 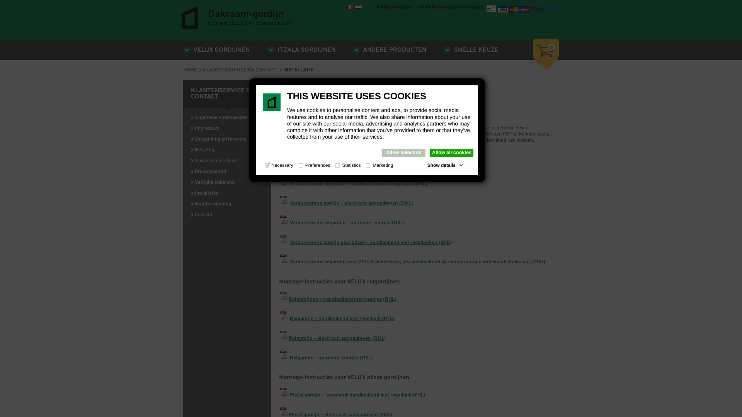 I want to click on 'HOME', so click(x=192, y=70).